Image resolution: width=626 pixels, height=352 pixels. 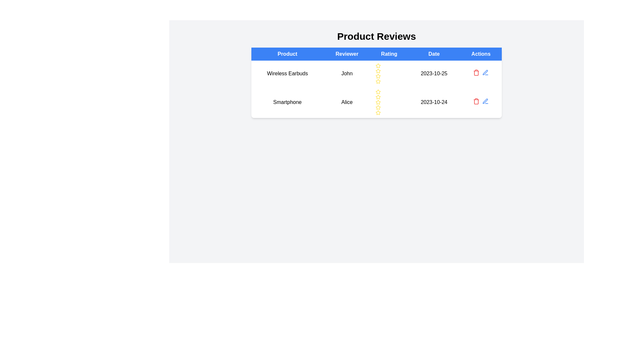 What do you see at coordinates (378, 76) in the screenshot?
I see `the second star icon in the rating component for the product 'Wireless Earbuds' reviewed by 'John'` at bounding box center [378, 76].